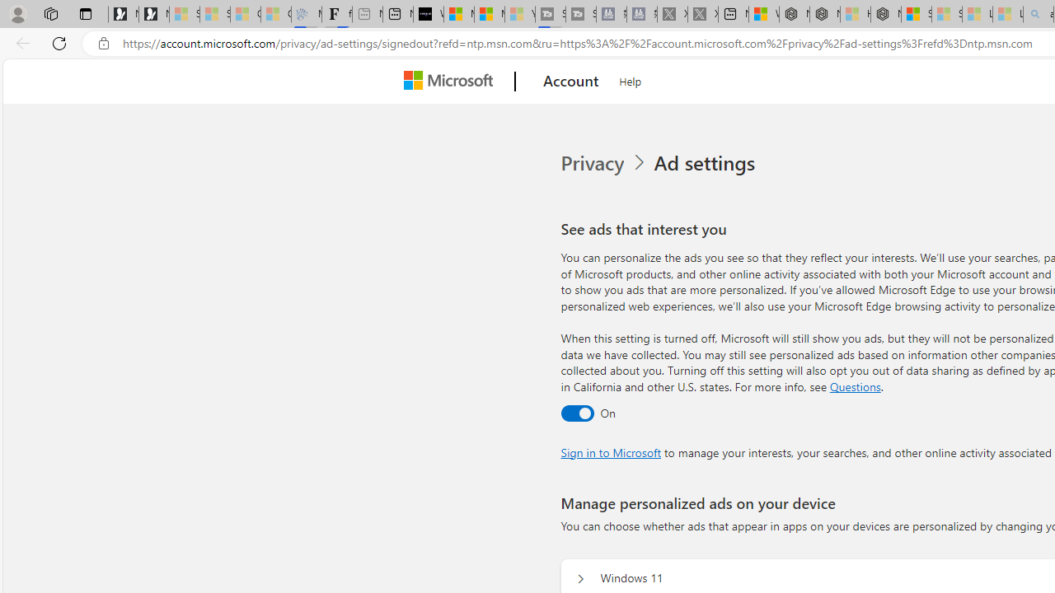 The height and width of the screenshot is (593, 1055). I want to click on 'Microsoft', so click(452, 82).